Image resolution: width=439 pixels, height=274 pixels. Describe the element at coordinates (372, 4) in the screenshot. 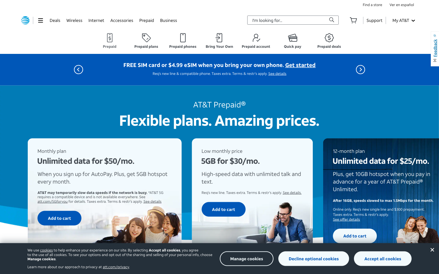

I see `View store locations in a new tab` at that location.